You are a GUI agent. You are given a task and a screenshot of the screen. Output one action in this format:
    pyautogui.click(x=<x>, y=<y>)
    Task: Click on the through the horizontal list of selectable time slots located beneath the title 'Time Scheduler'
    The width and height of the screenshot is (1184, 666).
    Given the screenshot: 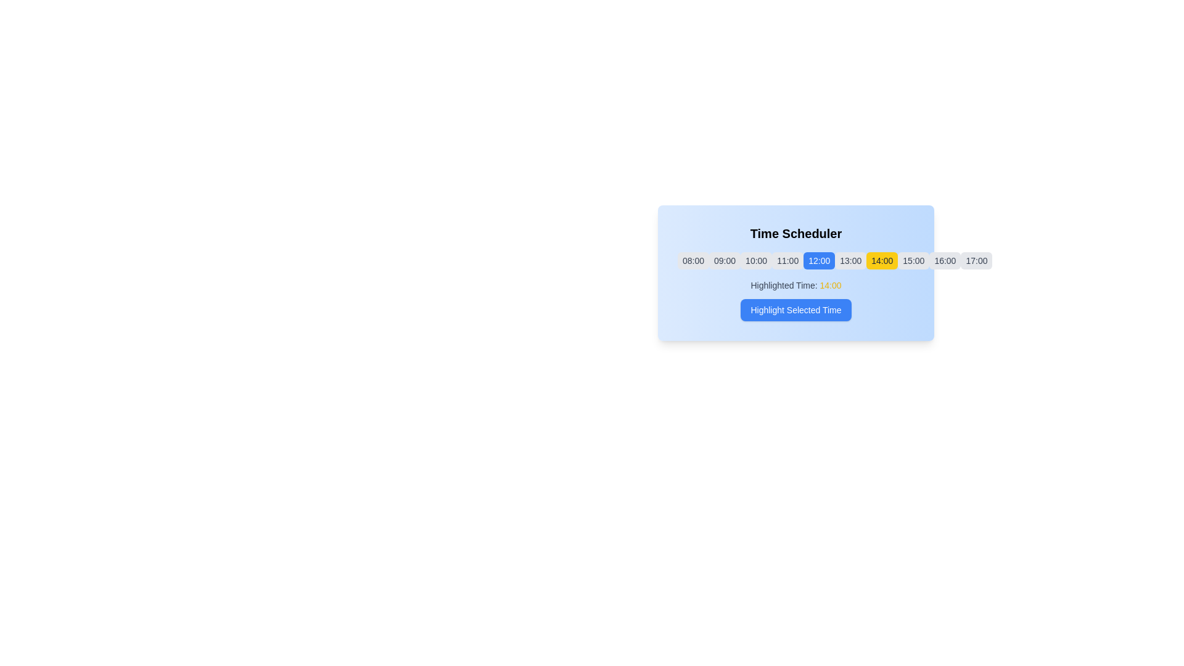 What is the action you would take?
    pyautogui.click(x=796, y=260)
    